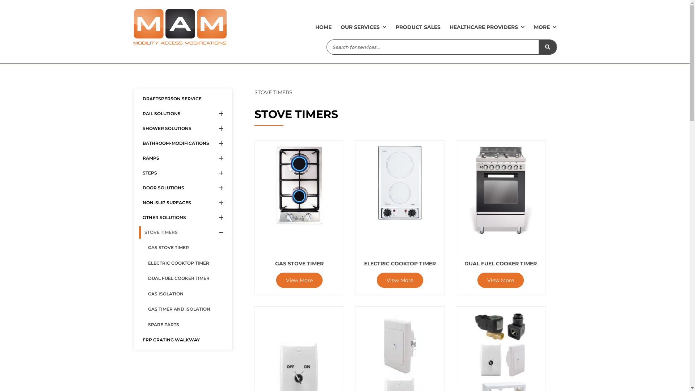 The height and width of the screenshot is (391, 695). Describe the element at coordinates (176, 202) in the screenshot. I see `'NON-SLIP SURFACES'` at that location.